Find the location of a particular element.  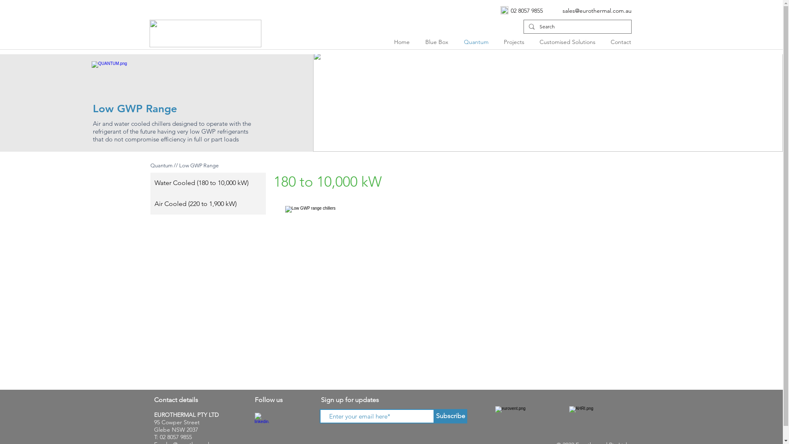

'Contact' is located at coordinates (622, 42).